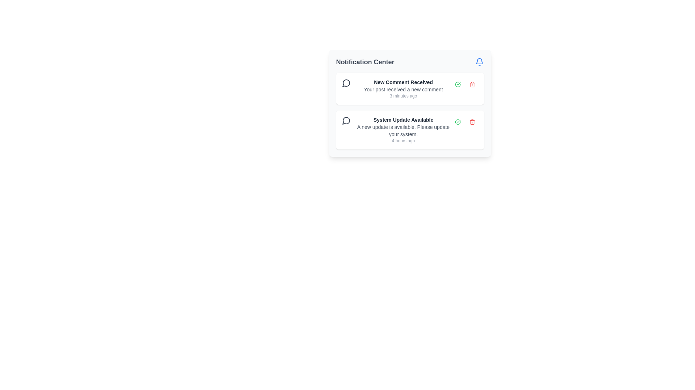 The image size is (695, 390). What do you see at coordinates (403, 131) in the screenshot?
I see `the middle text element in the notification card that informs the user about the system update, located below 'System Update Available' and above the timestamp '4 hours ago'` at bounding box center [403, 131].